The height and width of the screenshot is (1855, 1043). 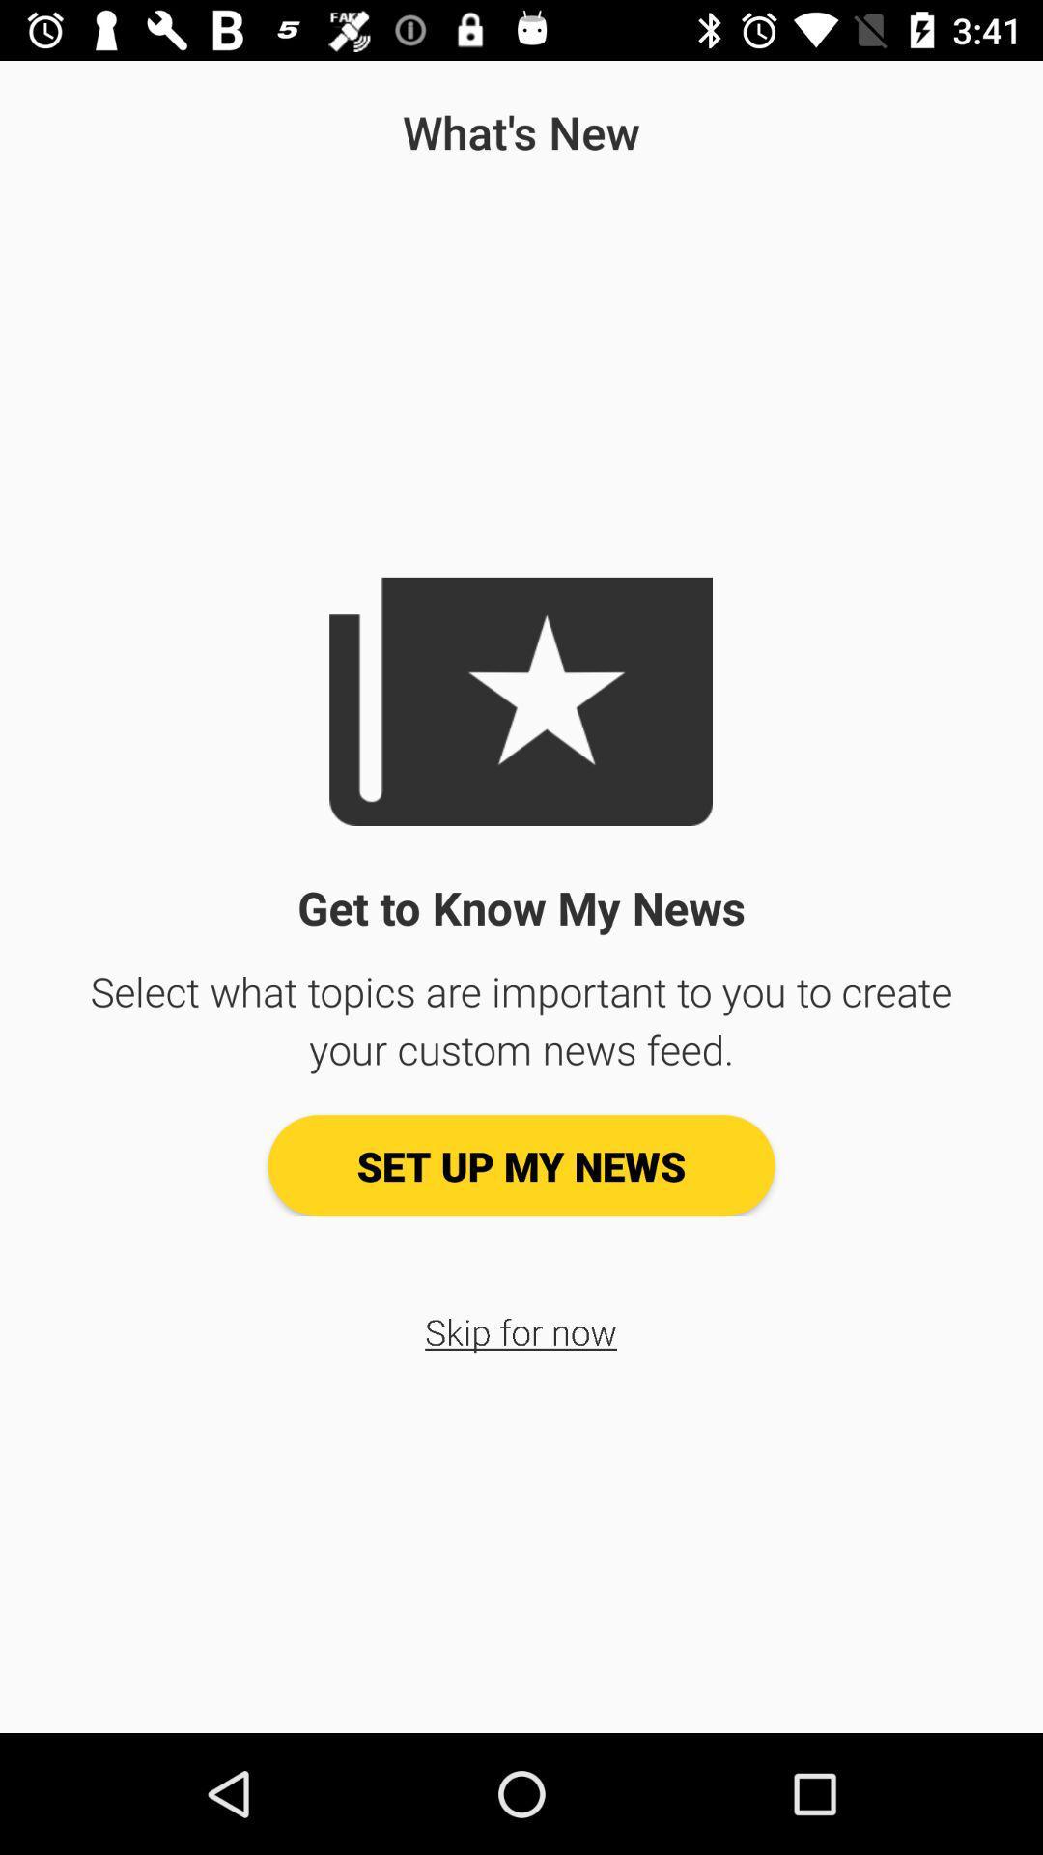 I want to click on set up my button, so click(x=521, y=1164).